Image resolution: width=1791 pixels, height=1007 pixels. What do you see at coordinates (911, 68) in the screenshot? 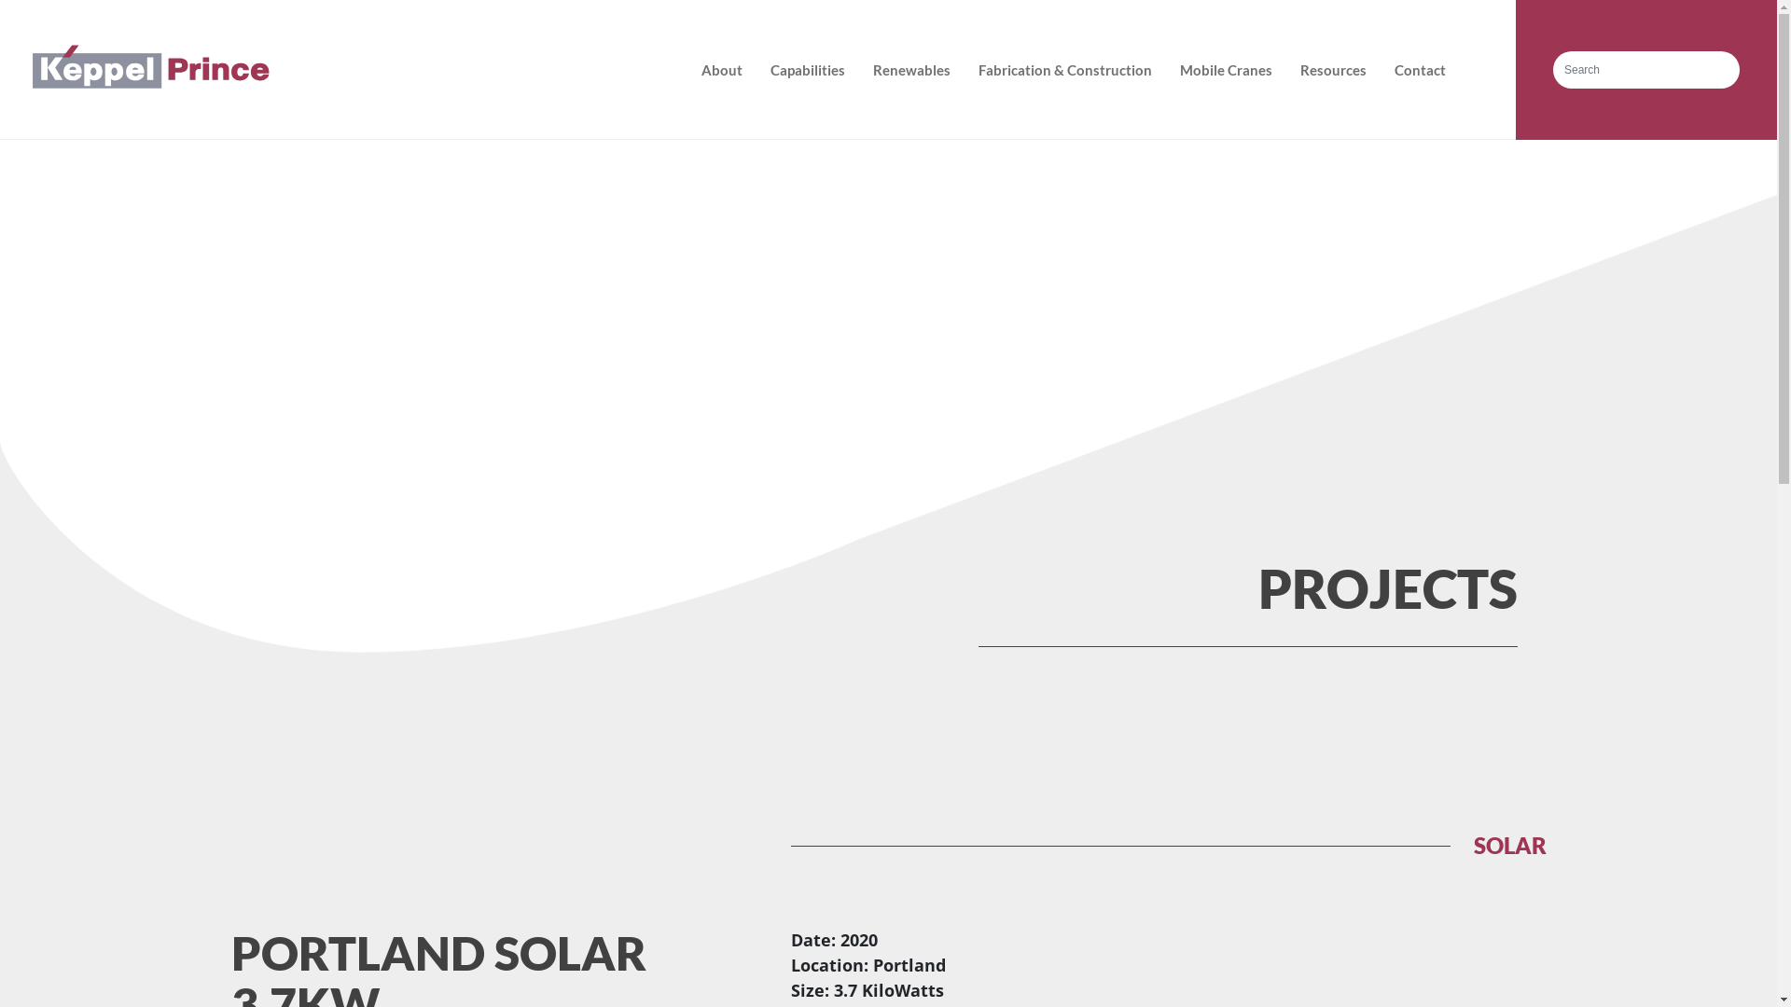
I see `'Renewables'` at bounding box center [911, 68].